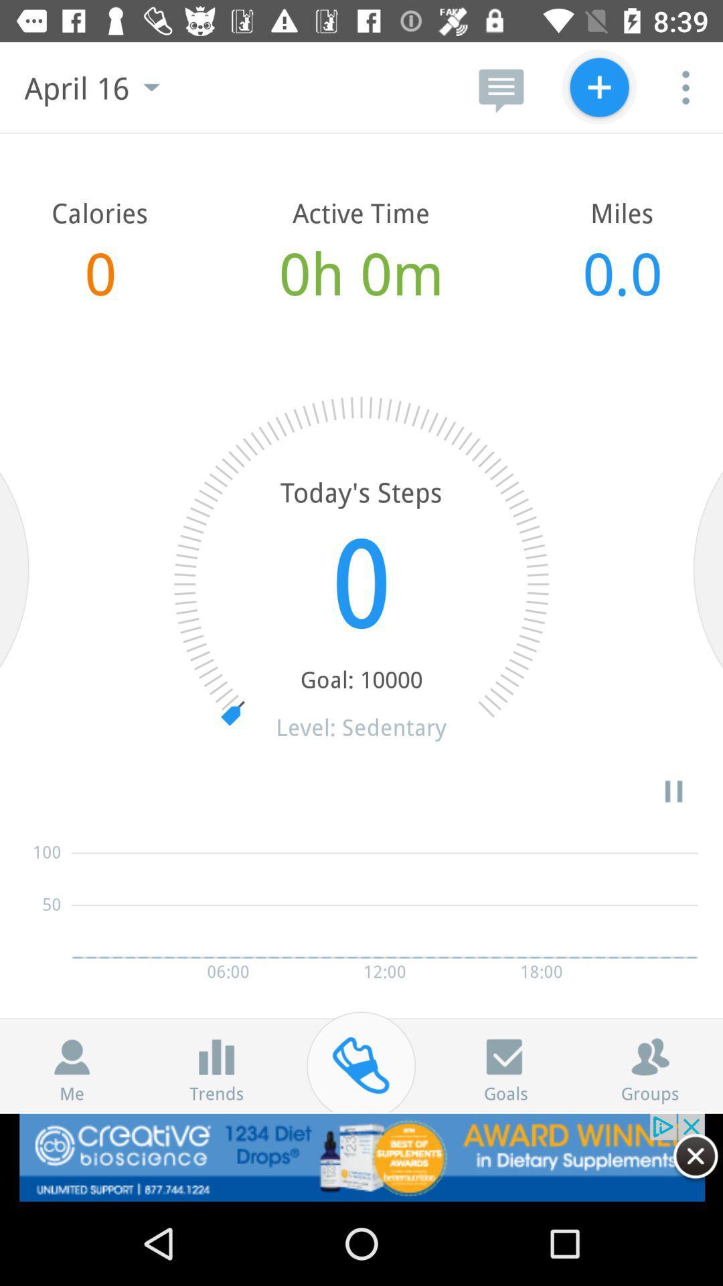  What do you see at coordinates (695, 1155) in the screenshot?
I see `the close icon` at bounding box center [695, 1155].